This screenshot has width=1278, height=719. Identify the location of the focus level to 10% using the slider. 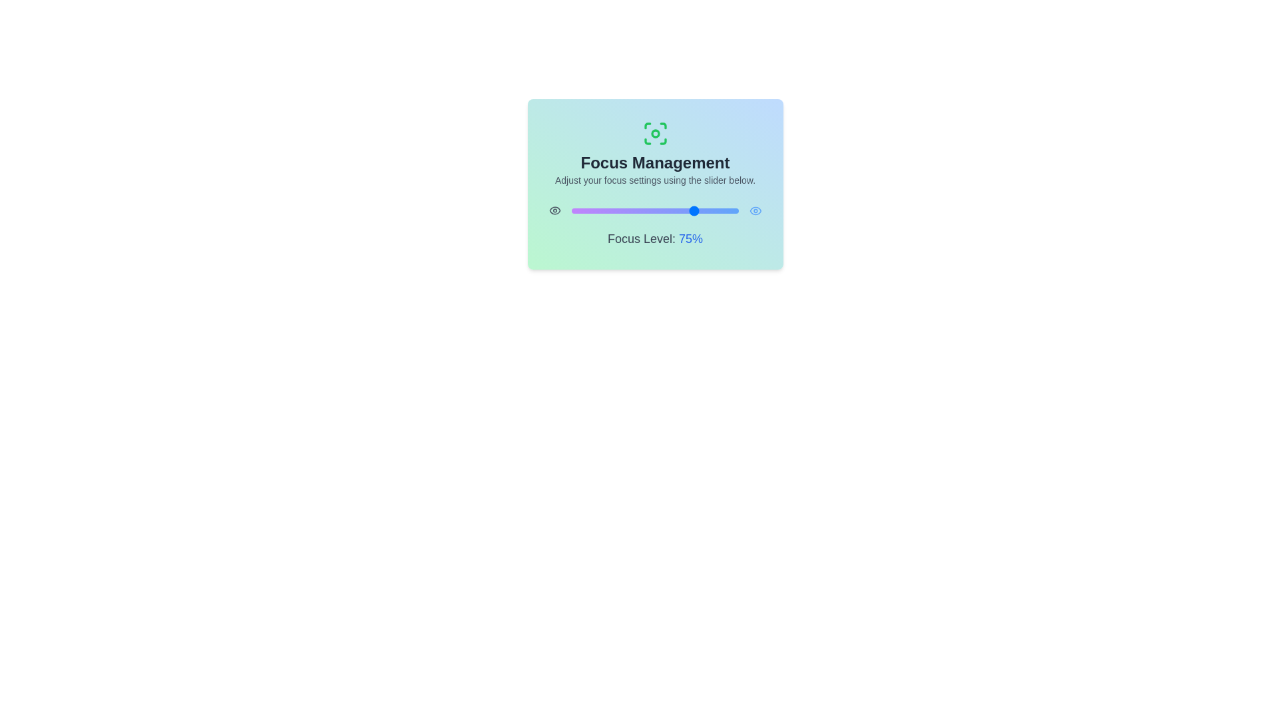
(588, 210).